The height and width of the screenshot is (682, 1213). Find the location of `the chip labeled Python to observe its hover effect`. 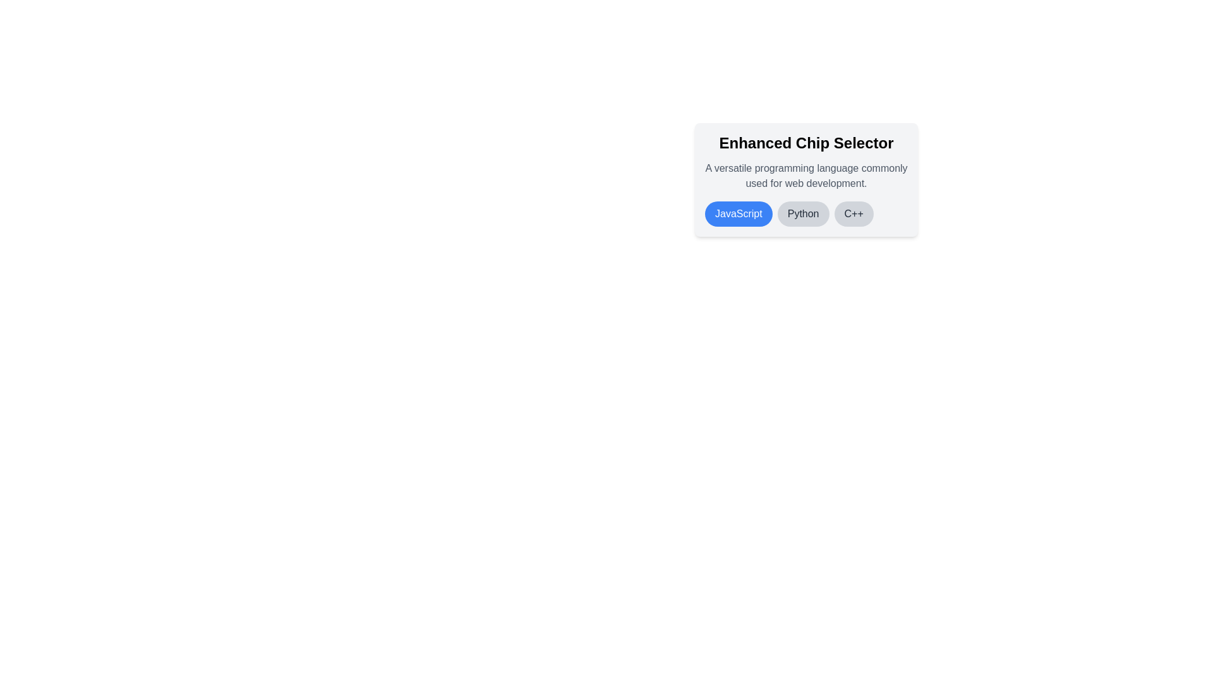

the chip labeled Python to observe its hover effect is located at coordinates (802, 213).